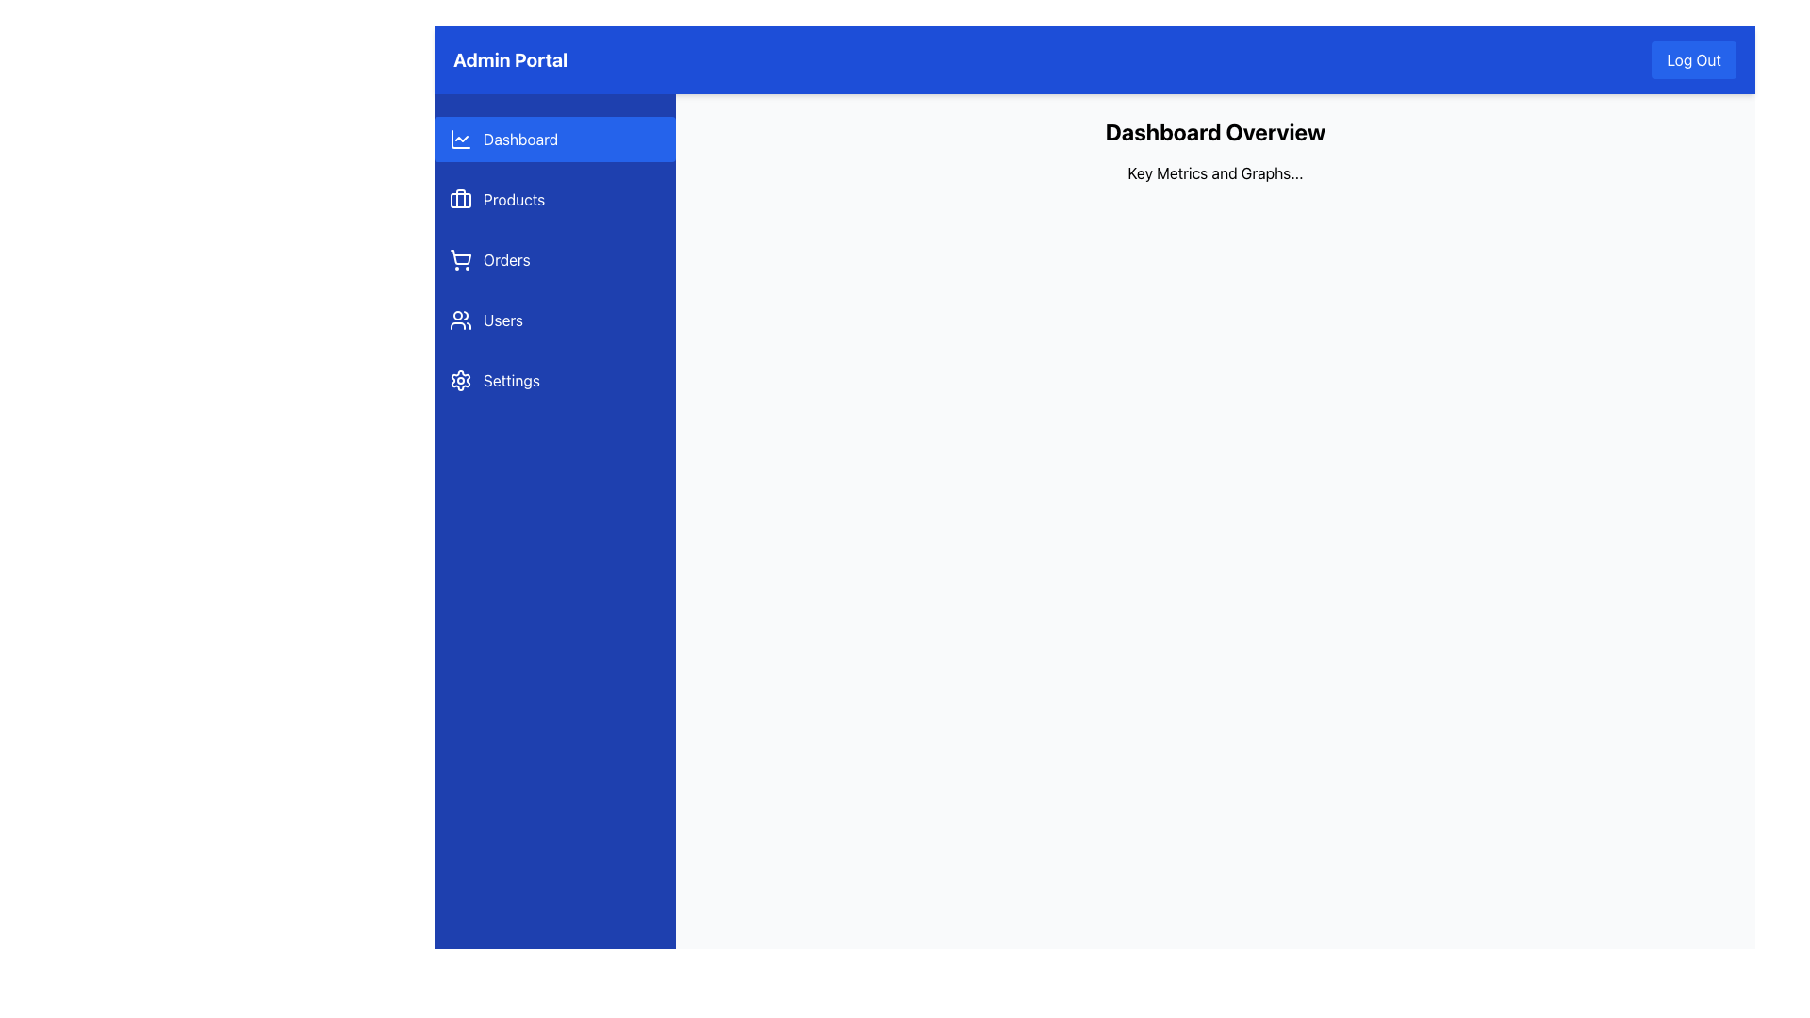  Describe the element at coordinates (461, 200) in the screenshot. I see `inner rectangular component of the briefcase-shaped icon located in the second menu item of the navigation bar under 'Products'` at that location.